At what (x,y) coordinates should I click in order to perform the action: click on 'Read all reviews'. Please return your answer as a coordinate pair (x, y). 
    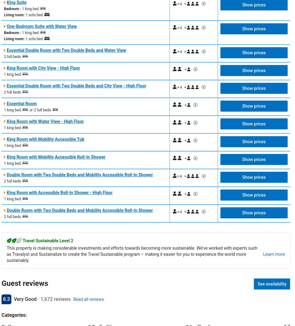
    Looking at the image, I should click on (88, 298).